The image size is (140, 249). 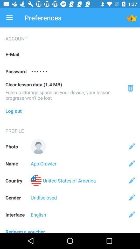 I want to click on item above account, so click(x=9, y=18).